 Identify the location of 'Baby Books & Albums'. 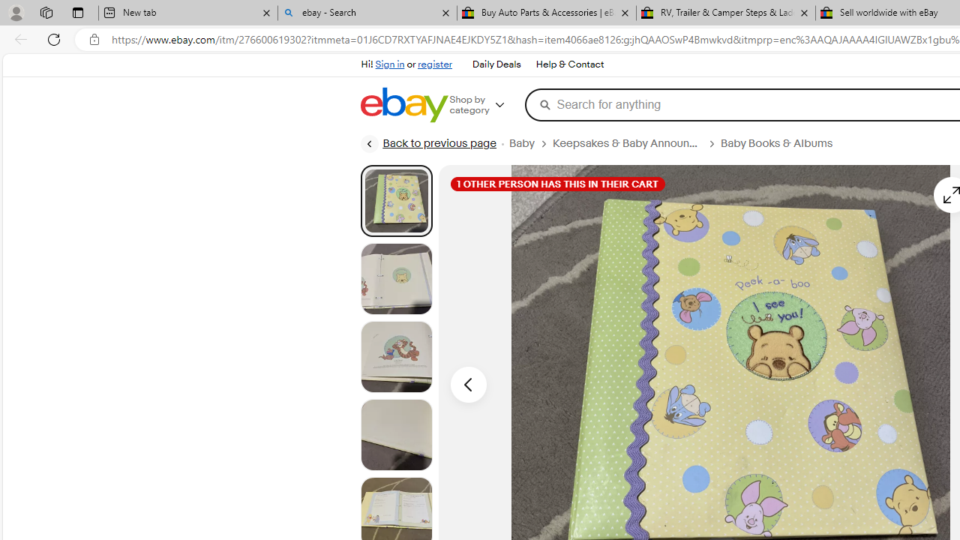
(776, 143).